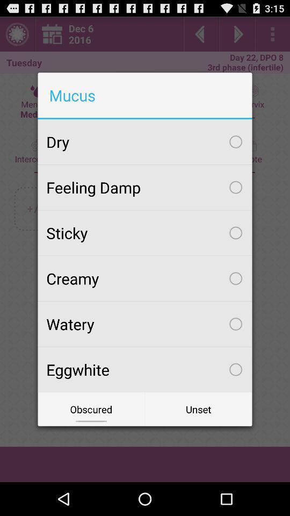  What do you see at coordinates (145, 278) in the screenshot?
I see `checkbox above the watery` at bounding box center [145, 278].